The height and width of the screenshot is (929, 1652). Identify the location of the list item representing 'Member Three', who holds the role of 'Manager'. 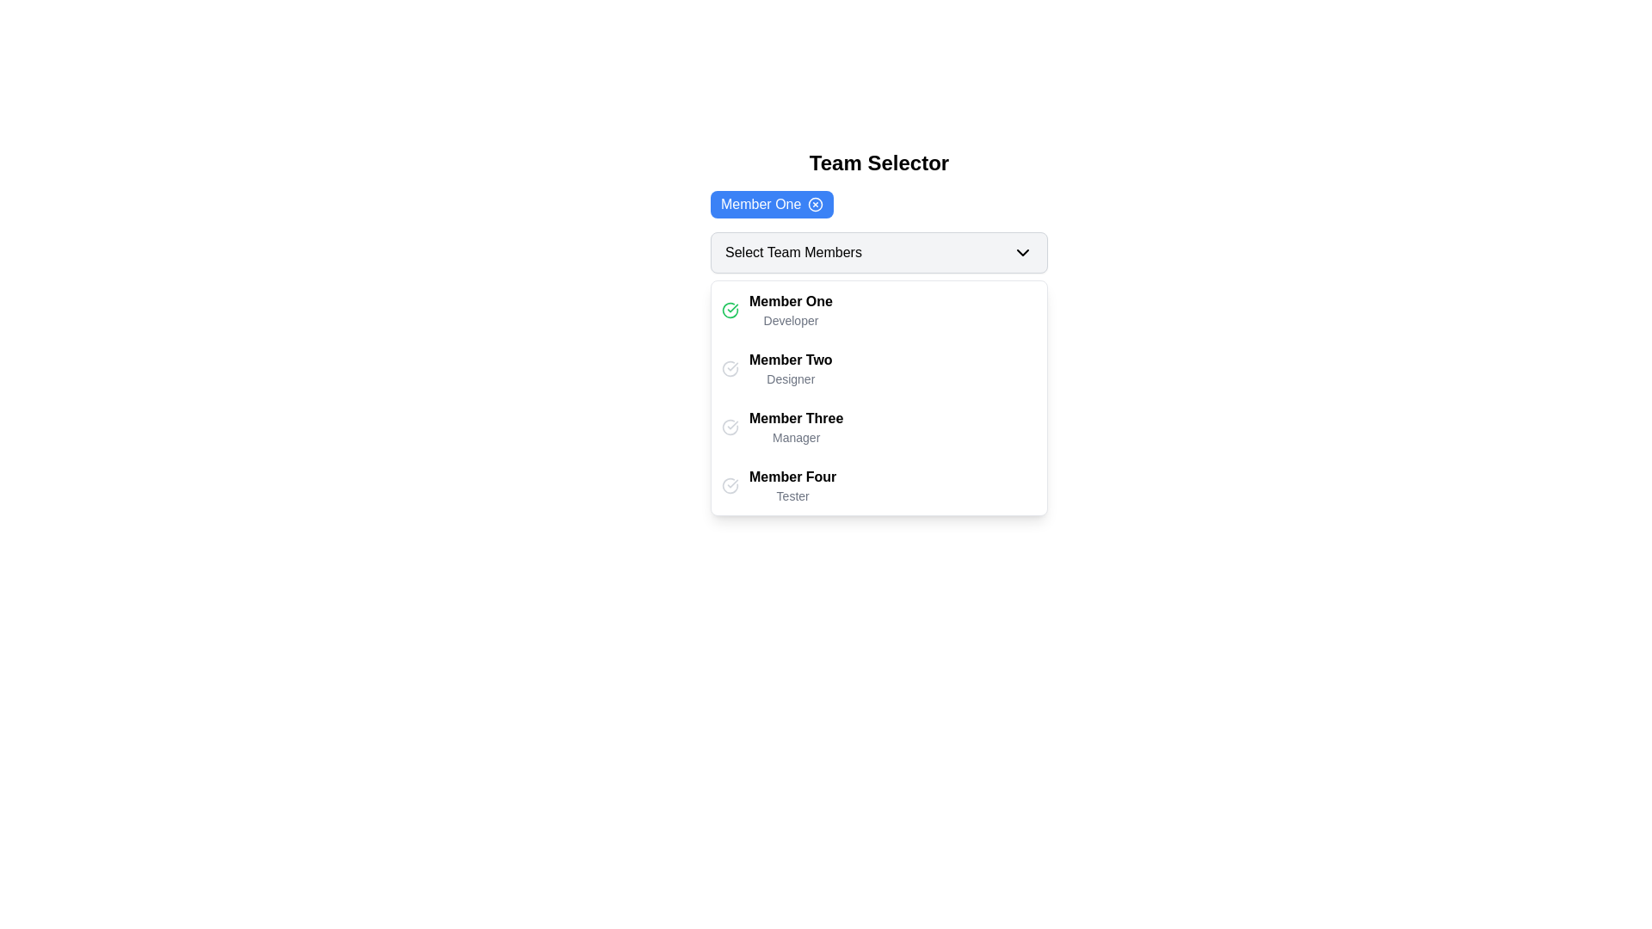
(879, 427).